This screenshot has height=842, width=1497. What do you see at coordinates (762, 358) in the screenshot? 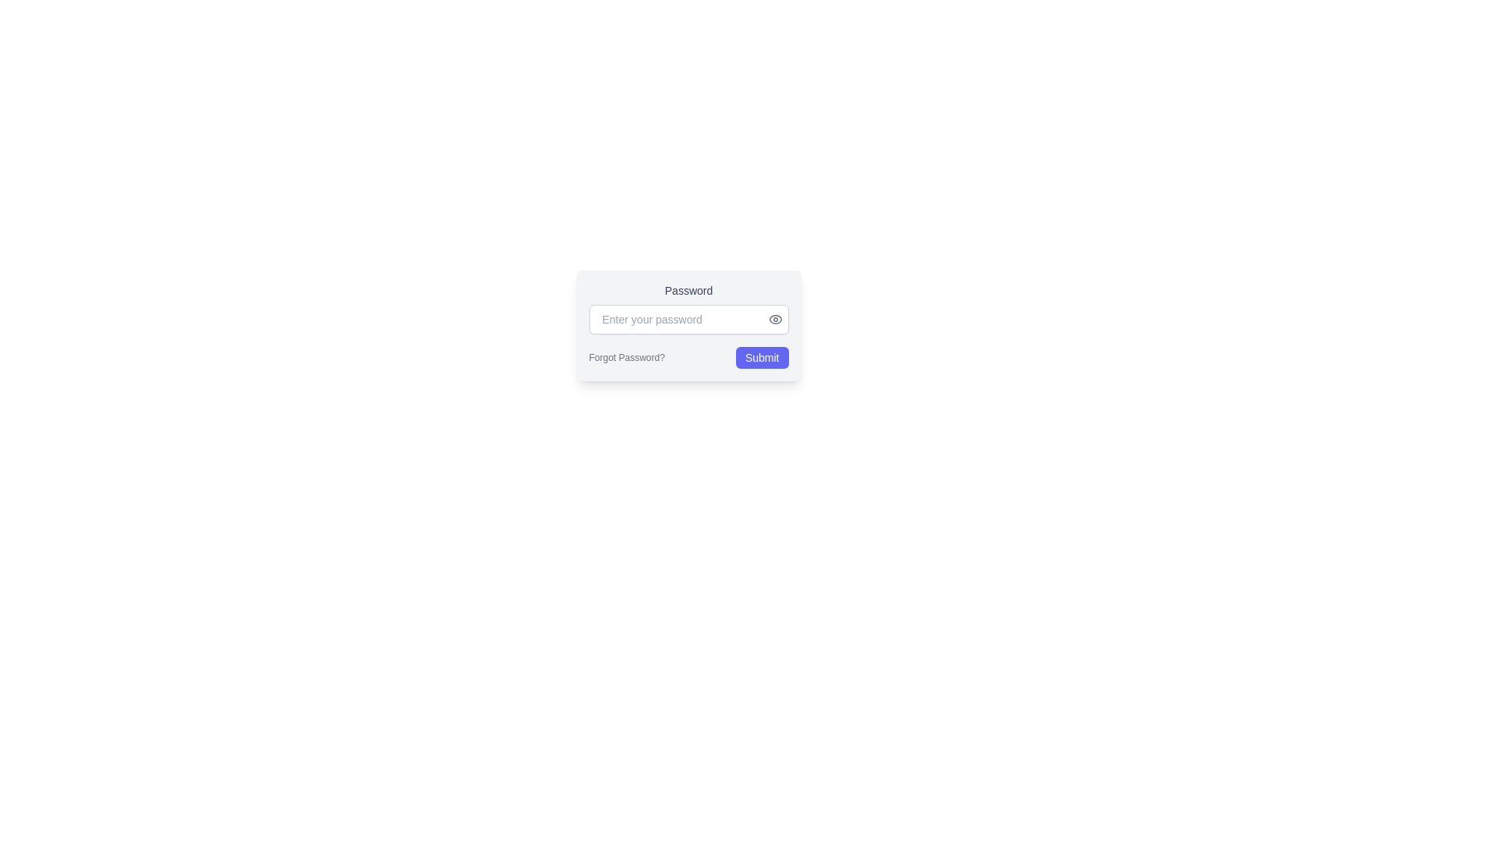
I see `the submit button located to the right of the 'Forgot Password?' text` at bounding box center [762, 358].